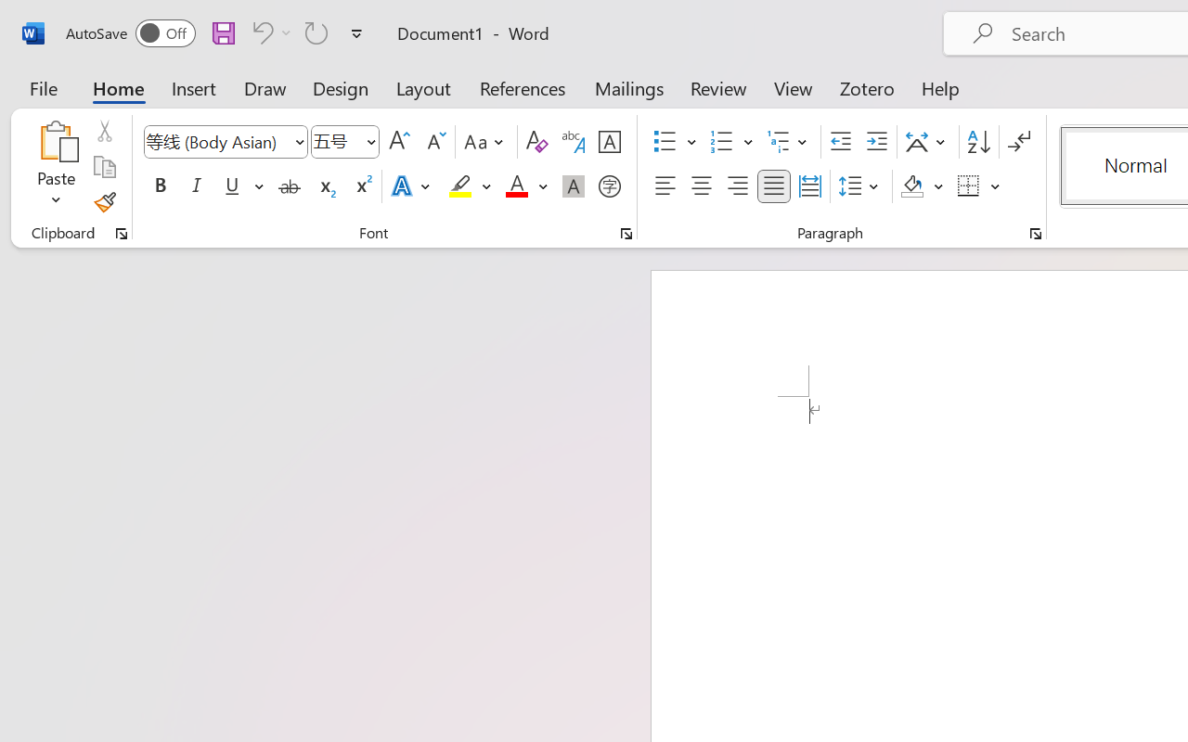 The width and height of the screenshot is (1188, 742). Describe the element at coordinates (268, 32) in the screenshot. I see `'Can'` at that location.